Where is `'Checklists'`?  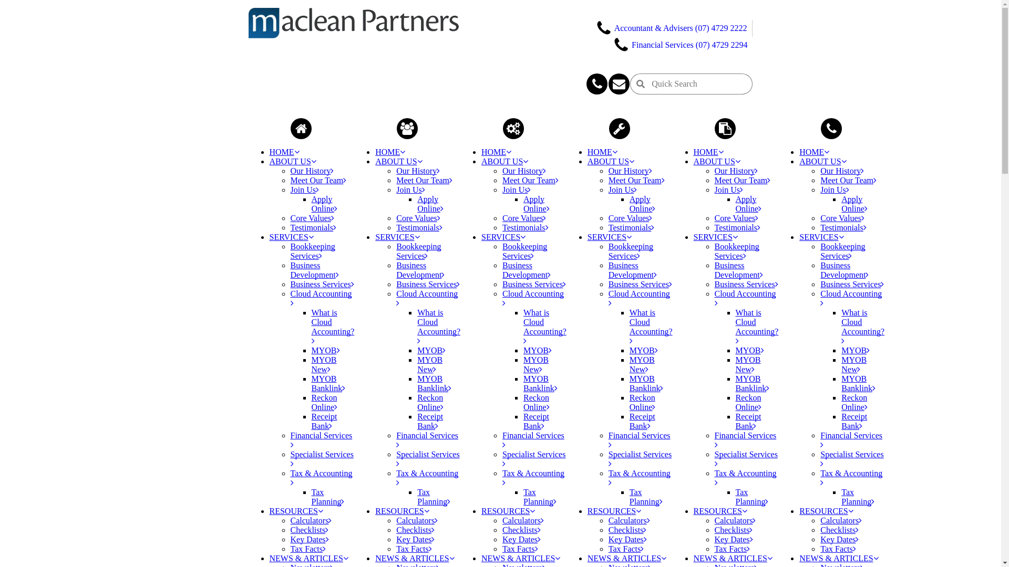
'Checklists' is located at coordinates (733, 530).